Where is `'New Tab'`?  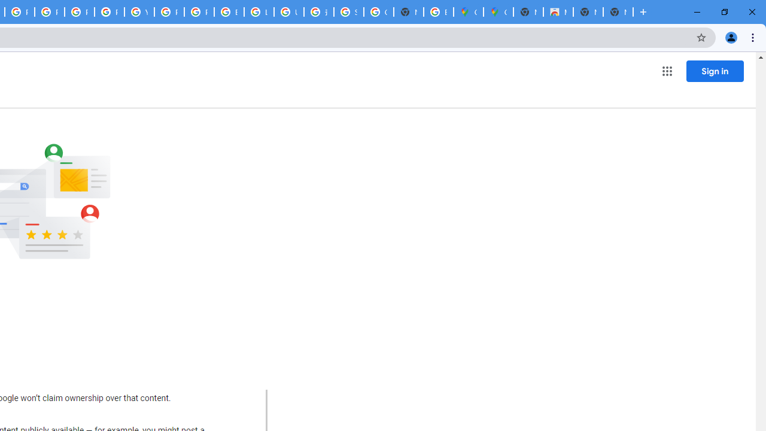
'New Tab' is located at coordinates (618, 12).